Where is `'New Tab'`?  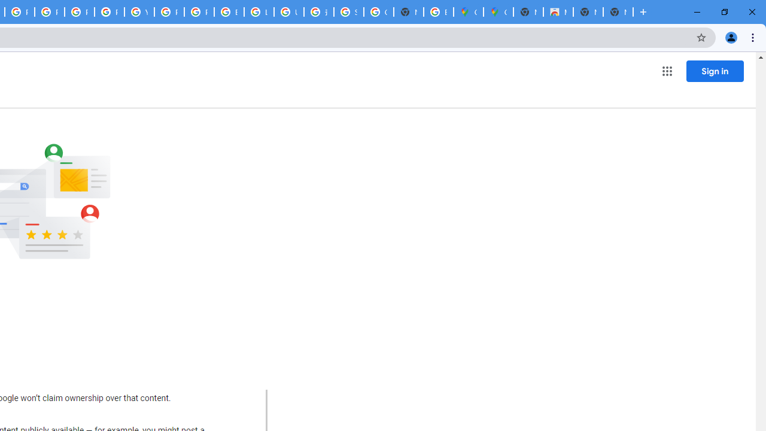
'New Tab' is located at coordinates (618, 12).